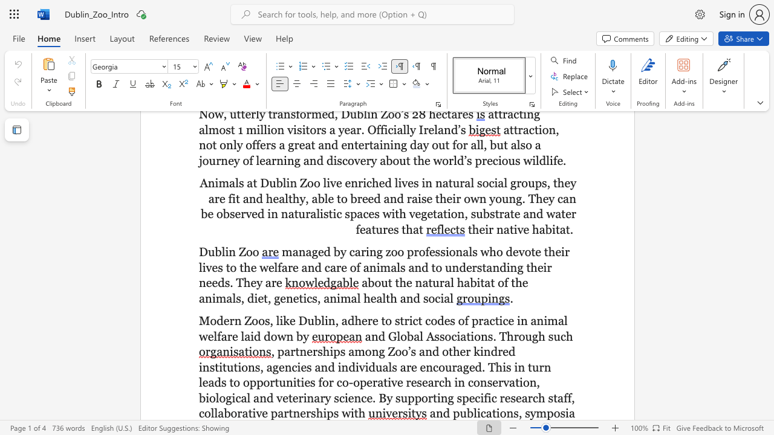 Image resolution: width=774 pixels, height=435 pixels. Describe the element at coordinates (429, 413) in the screenshot. I see `the subset text "and publicat" within the text "and publications,"` at that location.